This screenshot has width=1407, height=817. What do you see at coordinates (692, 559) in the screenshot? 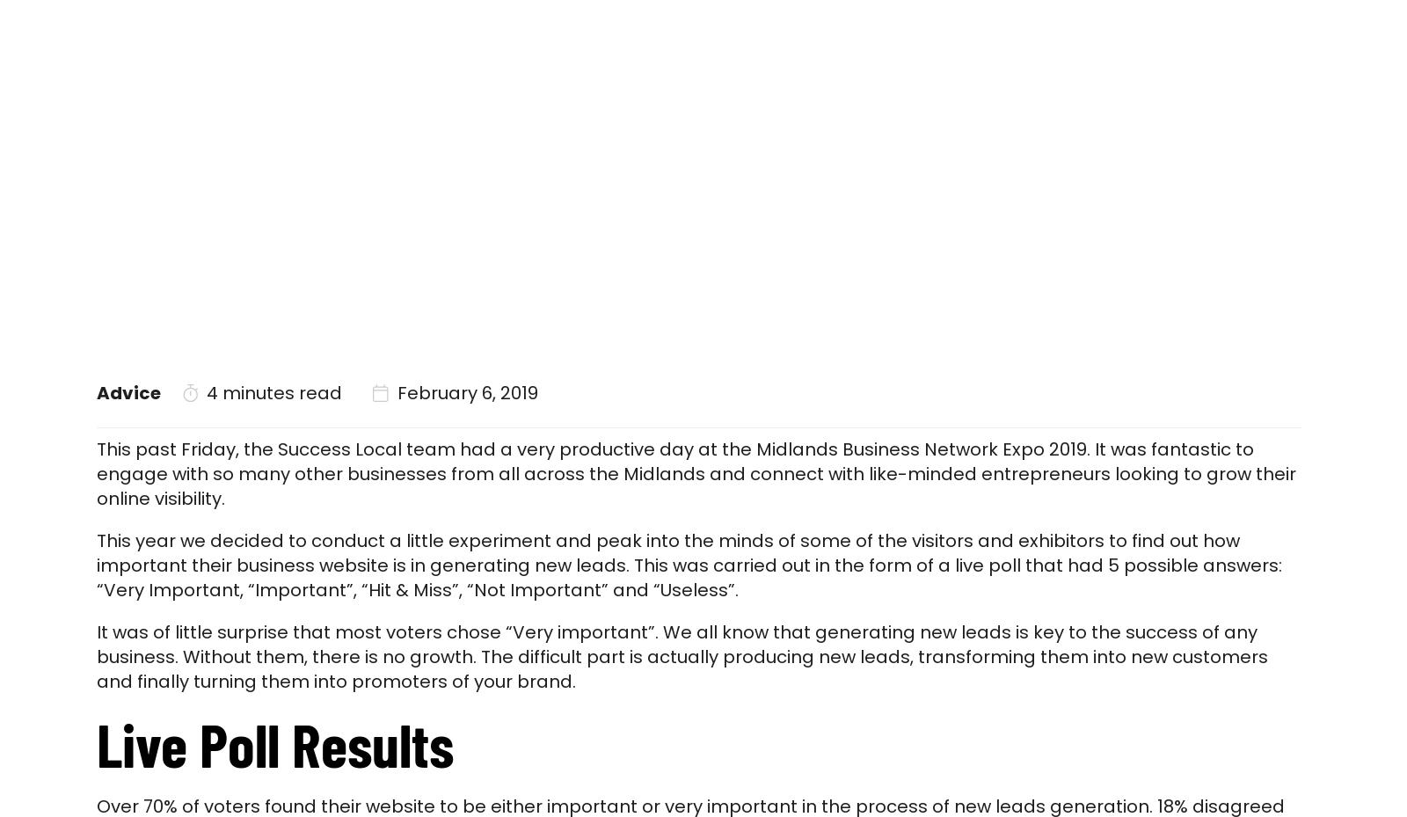
I see `'Over time, techniques such as SEO, social media marketing and e-mail marketing will help you generate more and more leads as you develop more content and keep optimizing for it. Unfortunately, businesses that don’t keep up with said techniques are at risk of being overtaken by competitors who do.'` at bounding box center [692, 559].